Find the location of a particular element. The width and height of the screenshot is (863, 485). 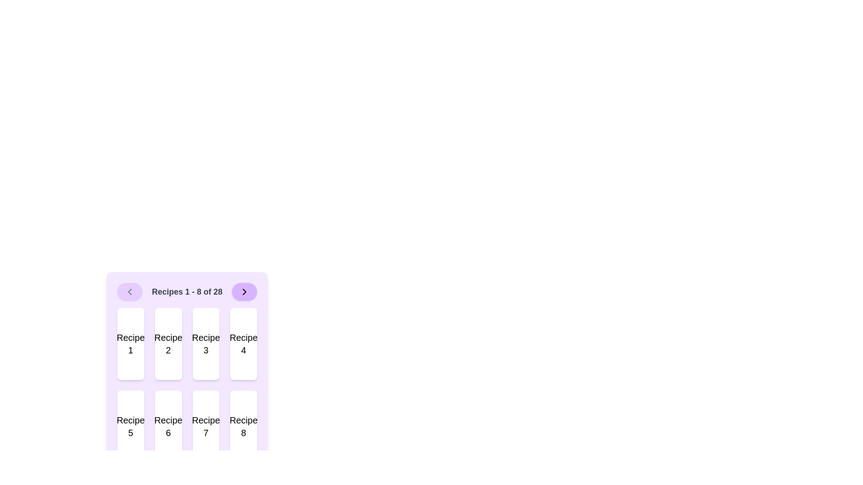

the Card component displaying 'Recipe 6', which is a rectangular element with a white background and rounded corners, located in the bottom row of a 2x4 grid layout, specifically the second item from the left is located at coordinates (168, 426).